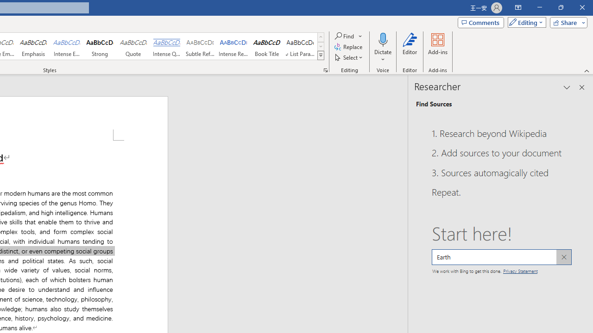  What do you see at coordinates (348, 47) in the screenshot?
I see `'Replace...'` at bounding box center [348, 47].